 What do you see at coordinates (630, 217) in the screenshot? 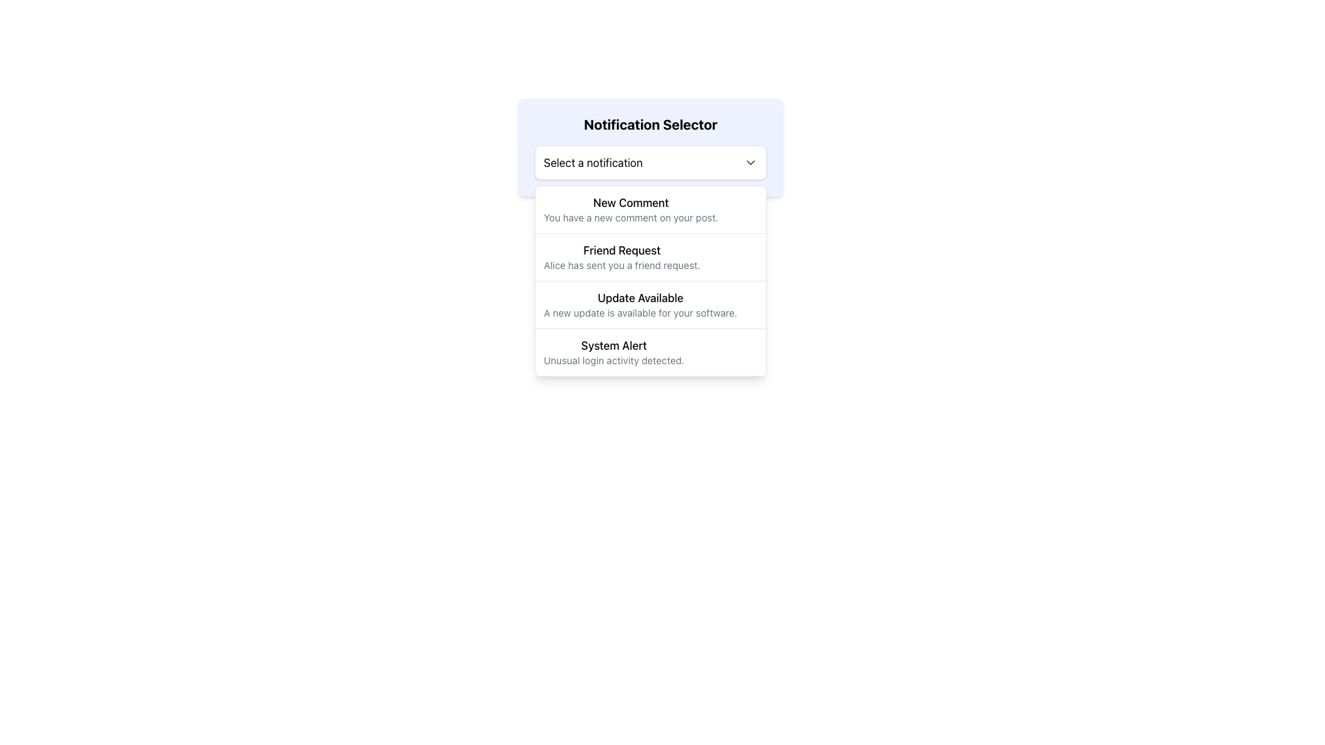
I see `the text label displaying 'You have a new comment on your post.' that is located below the 'New Comment' heading in the notification card of the 'Notification Selector' component` at bounding box center [630, 217].